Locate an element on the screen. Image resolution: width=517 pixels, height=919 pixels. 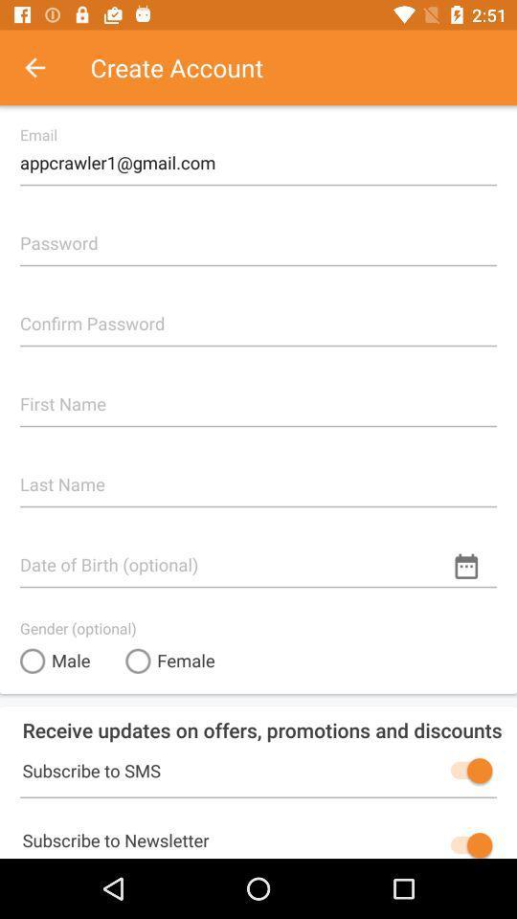
icon next to create account icon is located at coordinates (45, 67).